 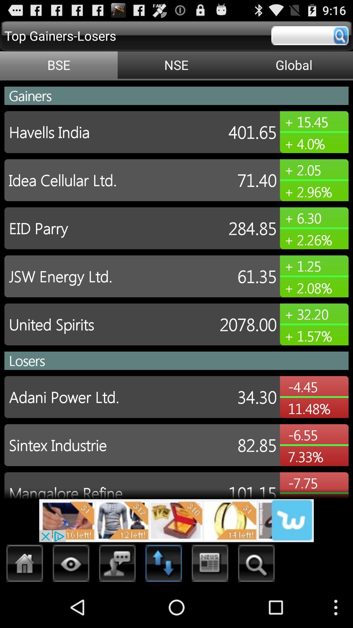 I want to click on the search icon, so click(x=256, y=604).